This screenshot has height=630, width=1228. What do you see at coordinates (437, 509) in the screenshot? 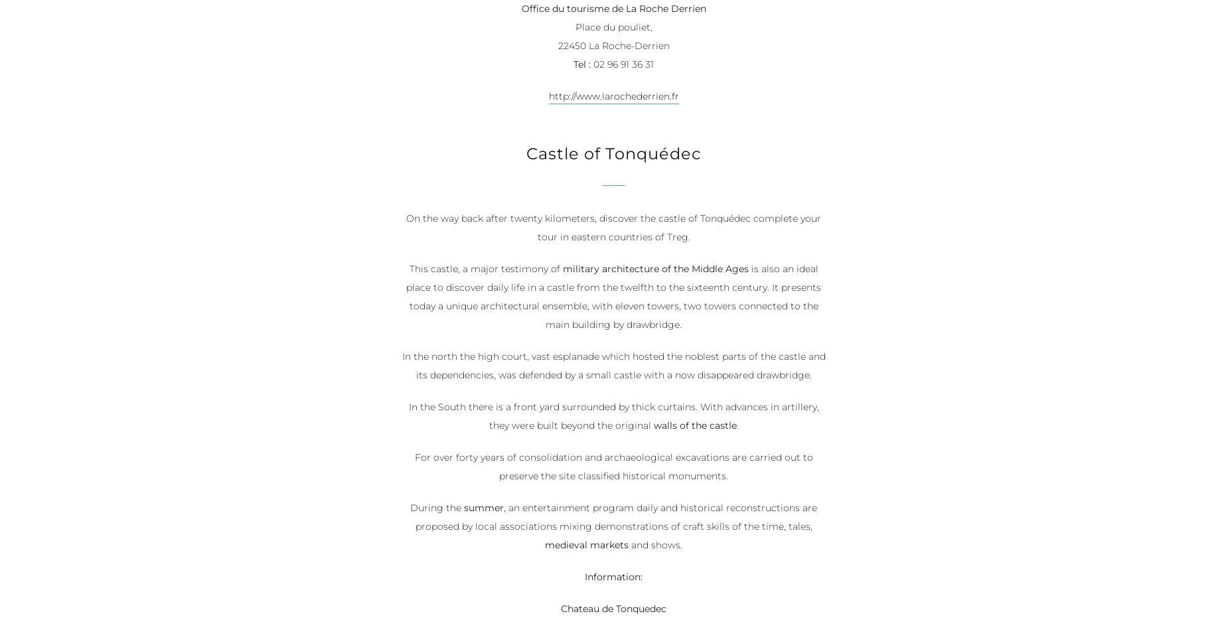
I see `'During the'` at bounding box center [437, 509].